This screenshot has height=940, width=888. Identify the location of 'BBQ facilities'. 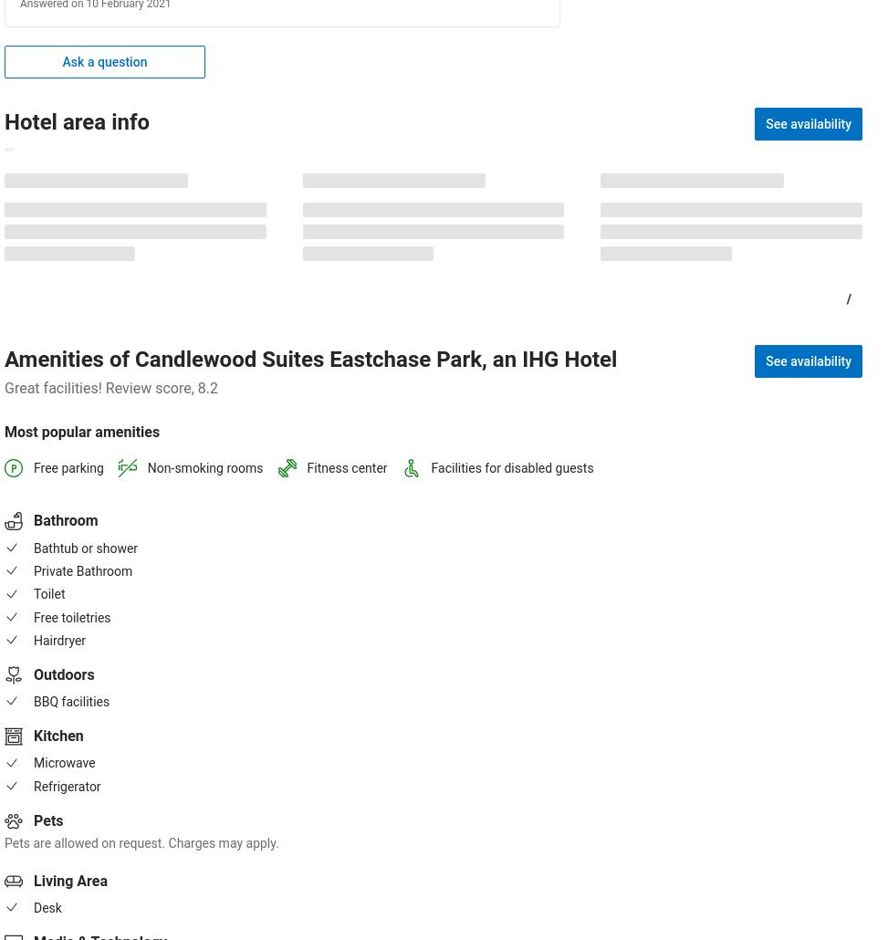
(70, 701).